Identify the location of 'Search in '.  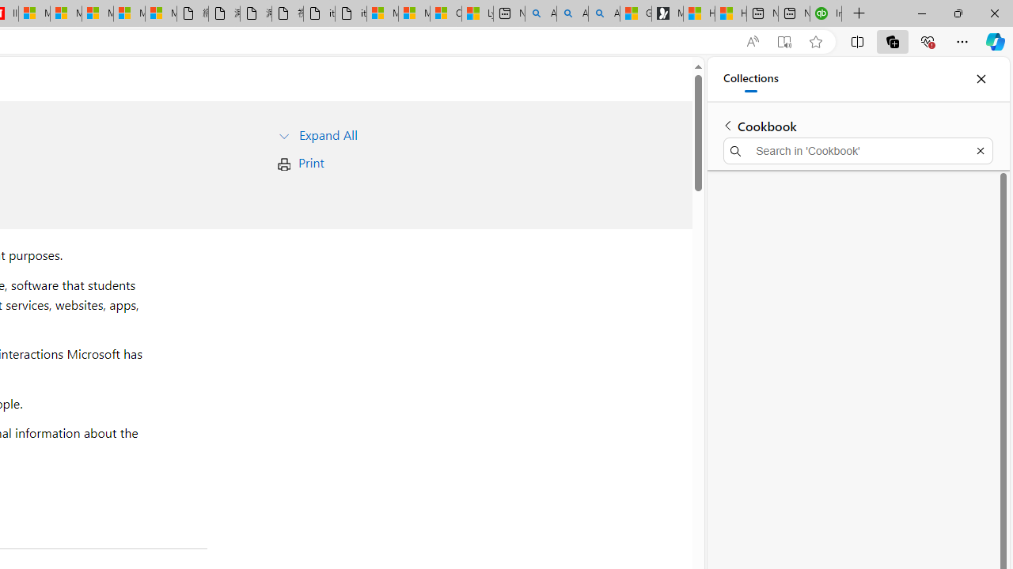
(857, 151).